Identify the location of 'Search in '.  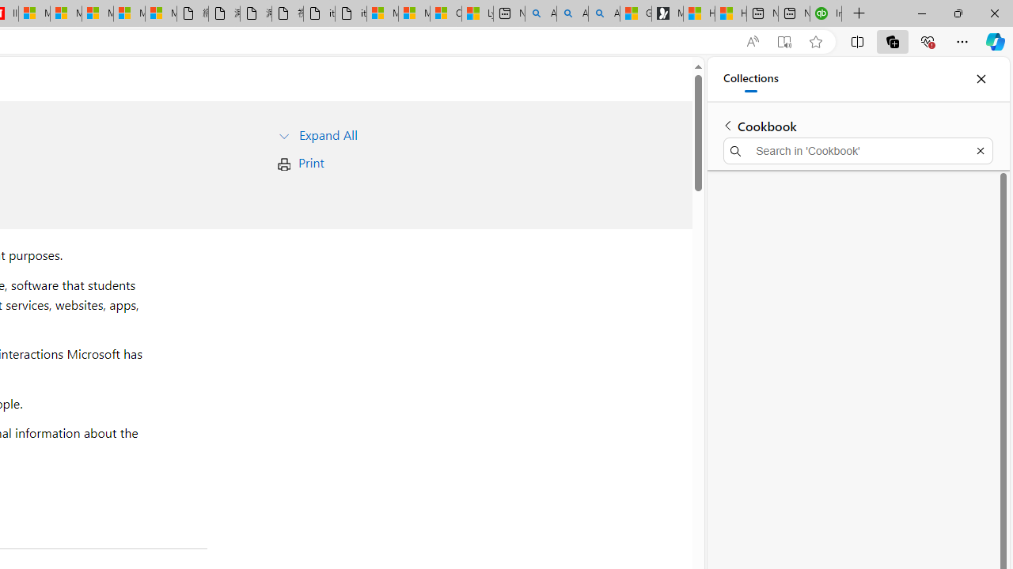
(857, 151).